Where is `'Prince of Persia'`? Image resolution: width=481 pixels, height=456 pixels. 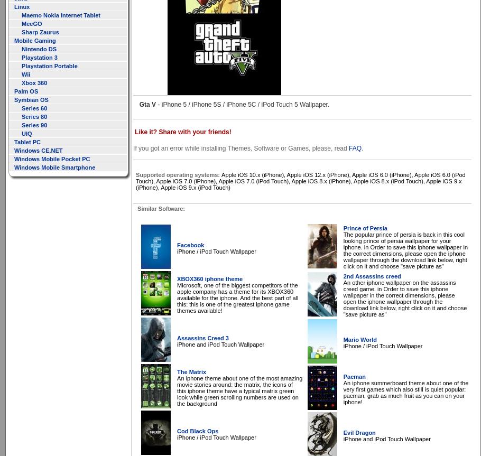
'Prince of Persia' is located at coordinates (365, 228).